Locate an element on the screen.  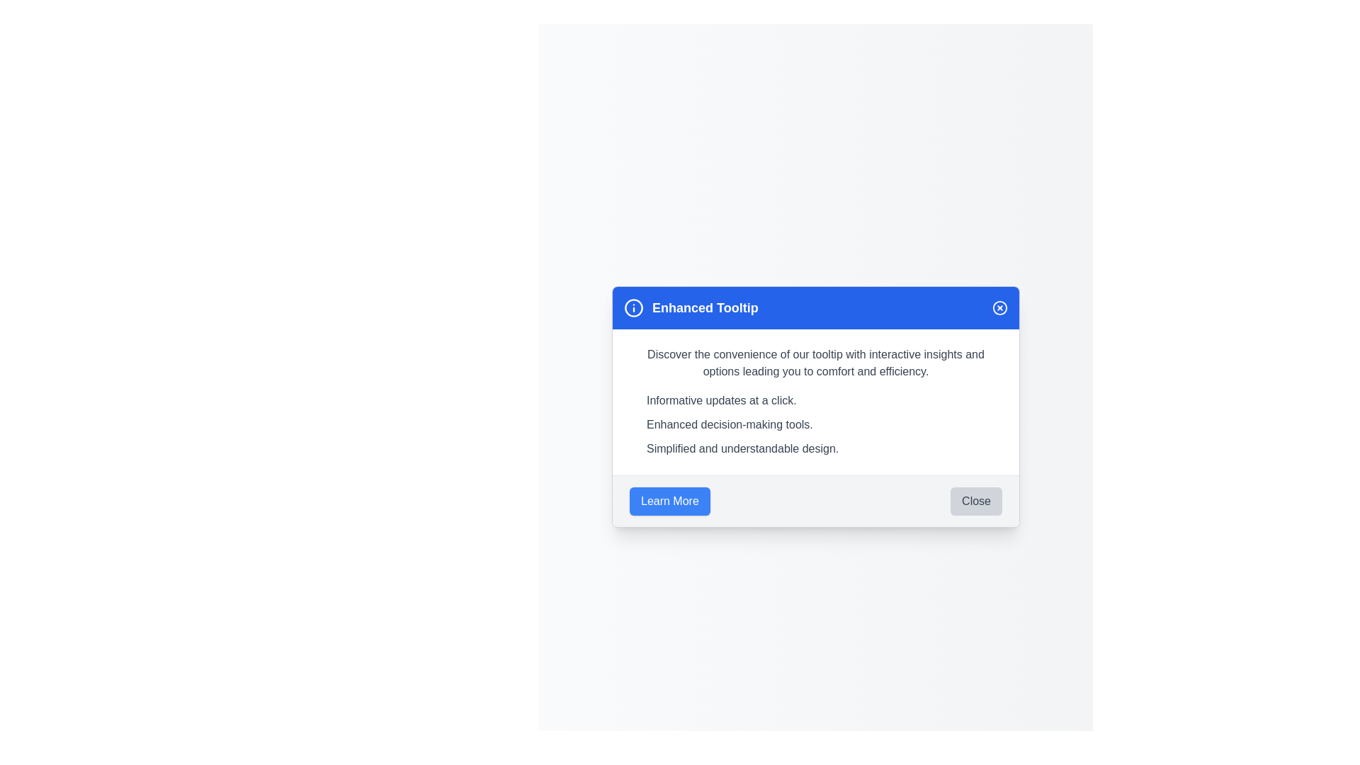
the close button located in the top-right corner of the blue bar on the tooltip, adjacent to the 'Enhanced Tooltip' title text is located at coordinates (999, 307).